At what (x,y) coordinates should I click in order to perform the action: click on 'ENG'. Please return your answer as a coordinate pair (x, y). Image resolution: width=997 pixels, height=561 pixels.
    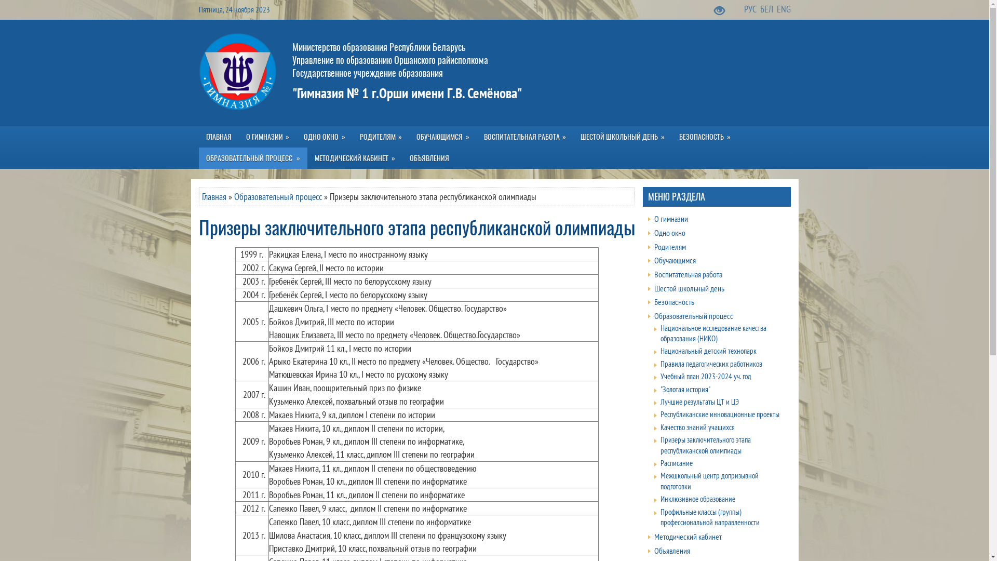
    Looking at the image, I should click on (784, 9).